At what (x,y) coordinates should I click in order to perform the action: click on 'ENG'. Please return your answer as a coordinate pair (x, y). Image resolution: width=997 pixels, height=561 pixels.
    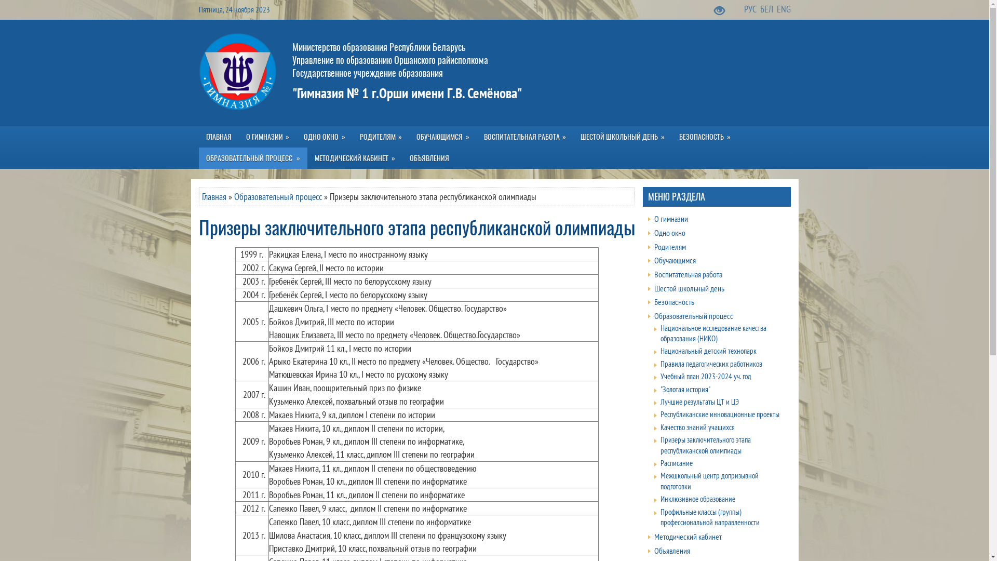
    Looking at the image, I should click on (784, 9).